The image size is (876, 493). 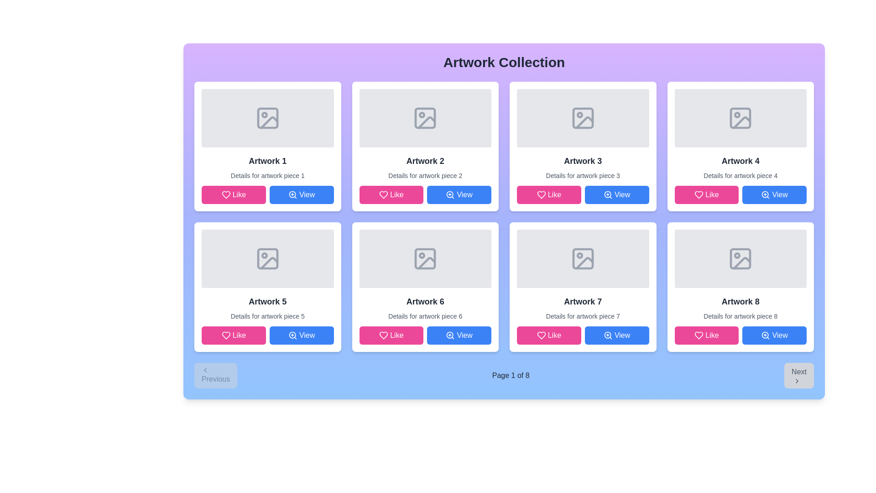 What do you see at coordinates (579, 114) in the screenshot?
I see `the decorative circular indicator located in the graphic icon of the card labeled 'Artwork 3', which is positioned in the upper right corner inside the square` at bounding box center [579, 114].